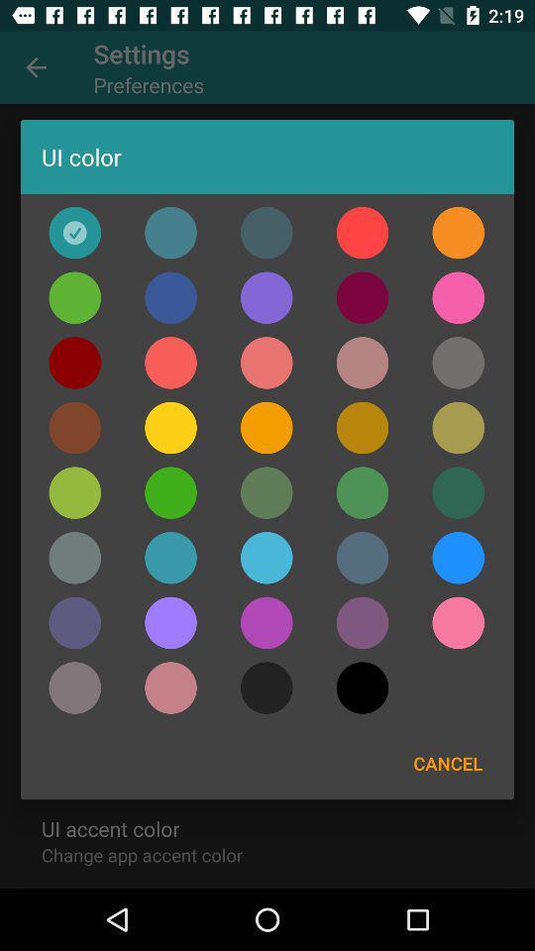 Image resolution: width=535 pixels, height=951 pixels. Describe the element at coordinates (267, 233) in the screenshot. I see `blue-gray ui color` at that location.